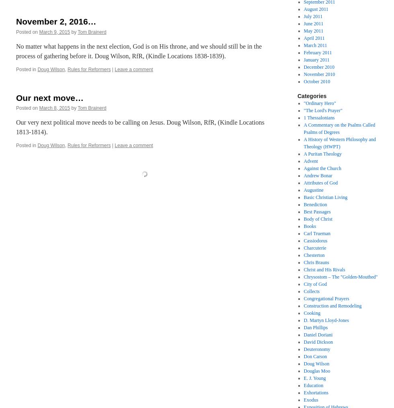 The image size is (394, 408). Describe the element at coordinates (312, 96) in the screenshot. I see `'Categories'` at that location.